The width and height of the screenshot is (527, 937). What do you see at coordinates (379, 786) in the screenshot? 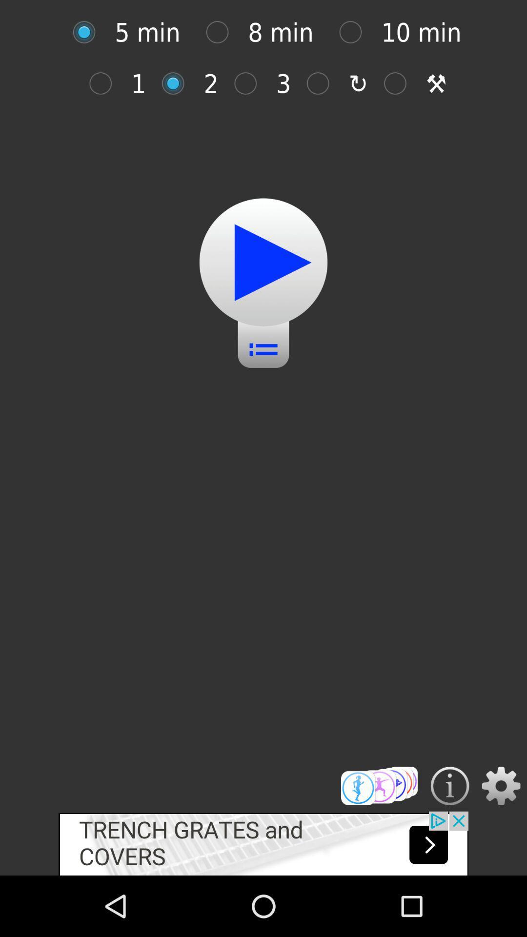
I see `make selection` at bounding box center [379, 786].